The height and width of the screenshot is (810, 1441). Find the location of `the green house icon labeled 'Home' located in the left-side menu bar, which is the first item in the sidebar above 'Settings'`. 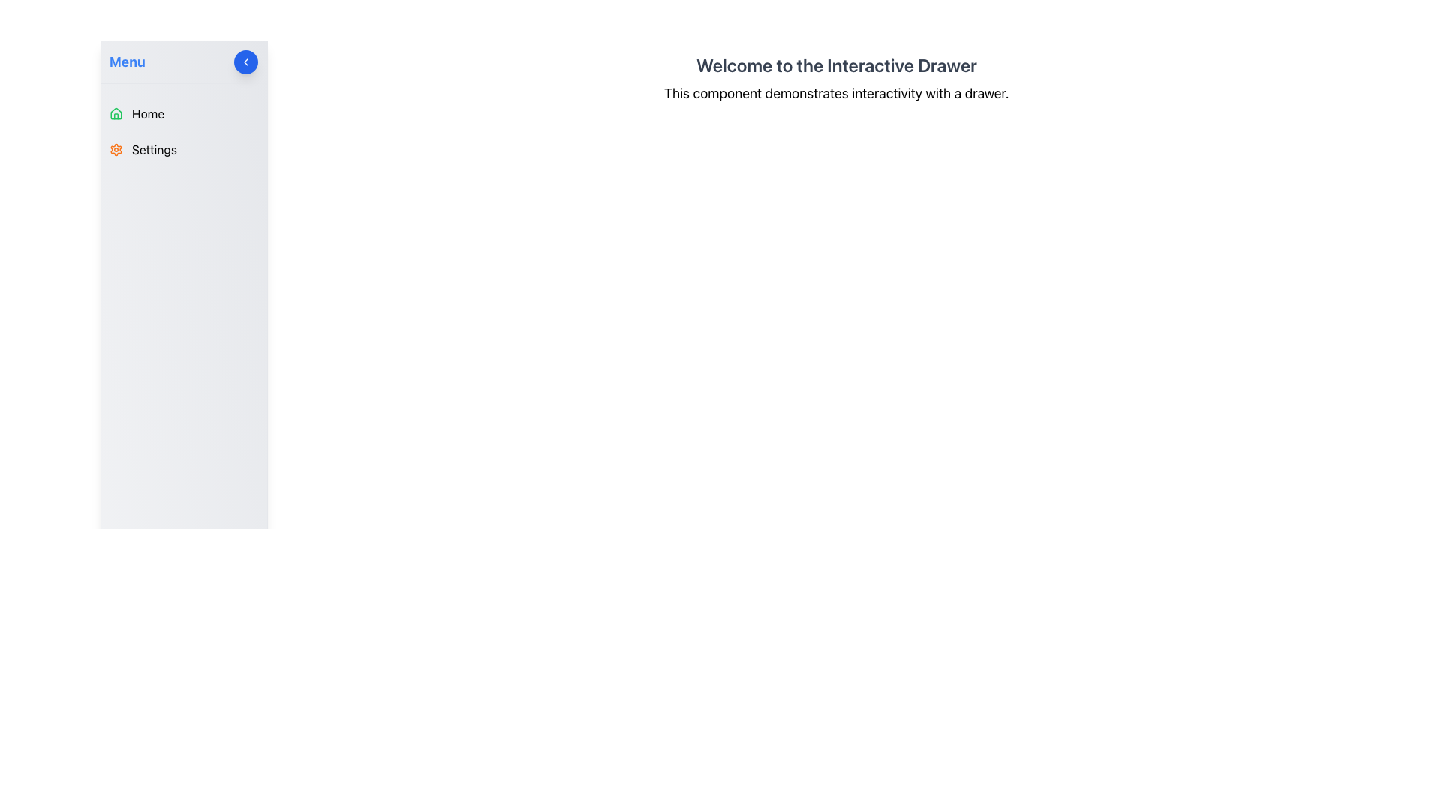

the green house icon labeled 'Home' located in the left-side menu bar, which is the first item in the sidebar above 'Settings' is located at coordinates (115, 112).